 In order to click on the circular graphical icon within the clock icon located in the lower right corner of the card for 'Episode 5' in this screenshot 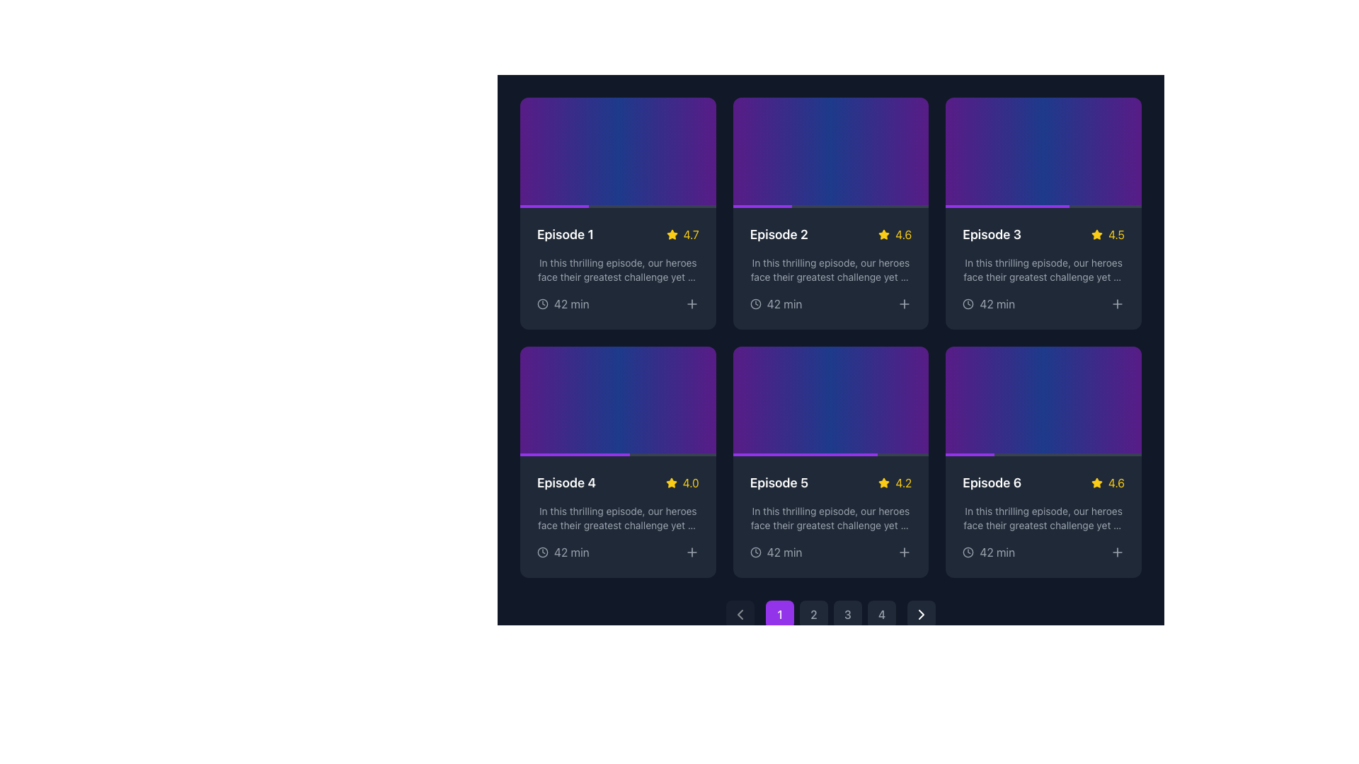, I will do `click(755, 552)`.